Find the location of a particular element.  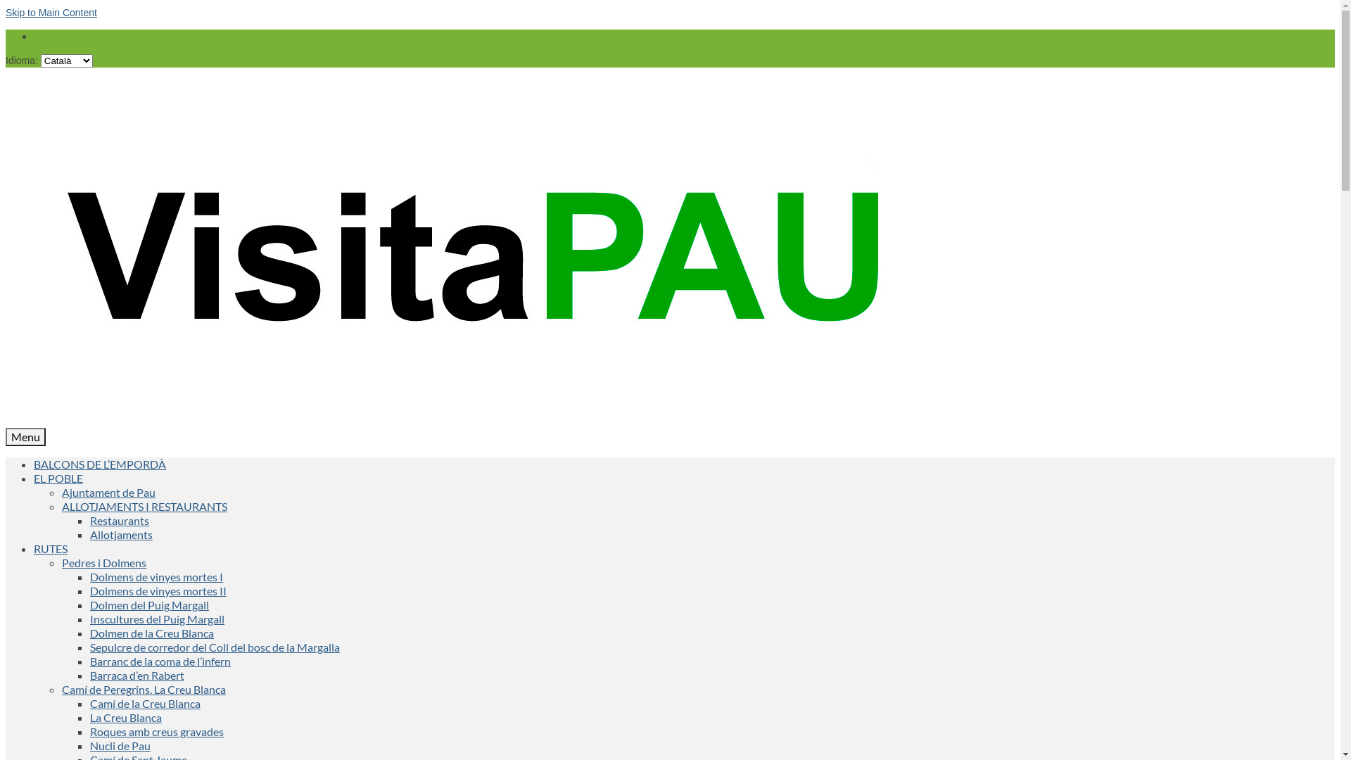

'Dolmen de la Creu Blanca' is located at coordinates (152, 632).